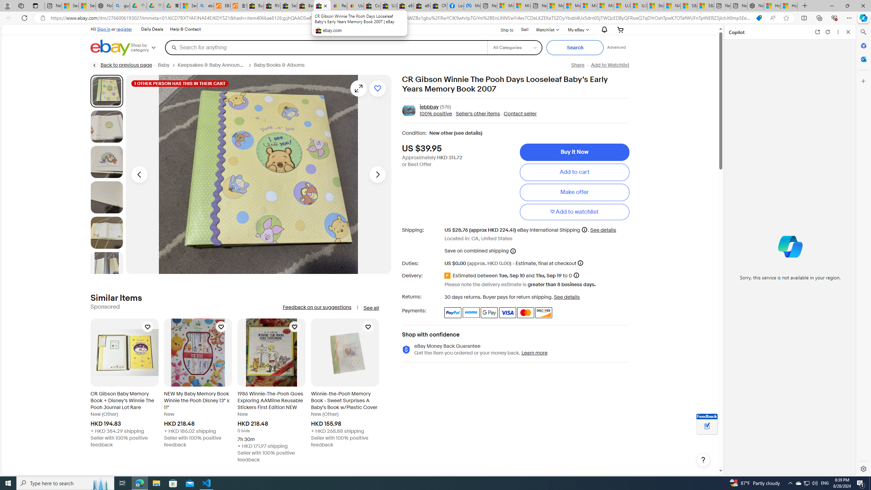  What do you see at coordinates (502, 29) in the screenshot?
I see `'Ship to'` at bounding box center [502, 29].